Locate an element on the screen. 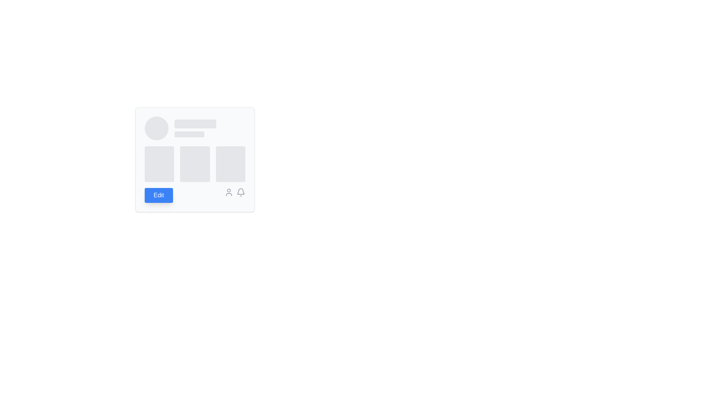 The width and height of the screenshot is (716, 402). the Placeholder box, which is a rectangular box with rounded corners and a uniform light gray color, positioned as the second box in a row of three boxes is located at coordinates (195, 163).